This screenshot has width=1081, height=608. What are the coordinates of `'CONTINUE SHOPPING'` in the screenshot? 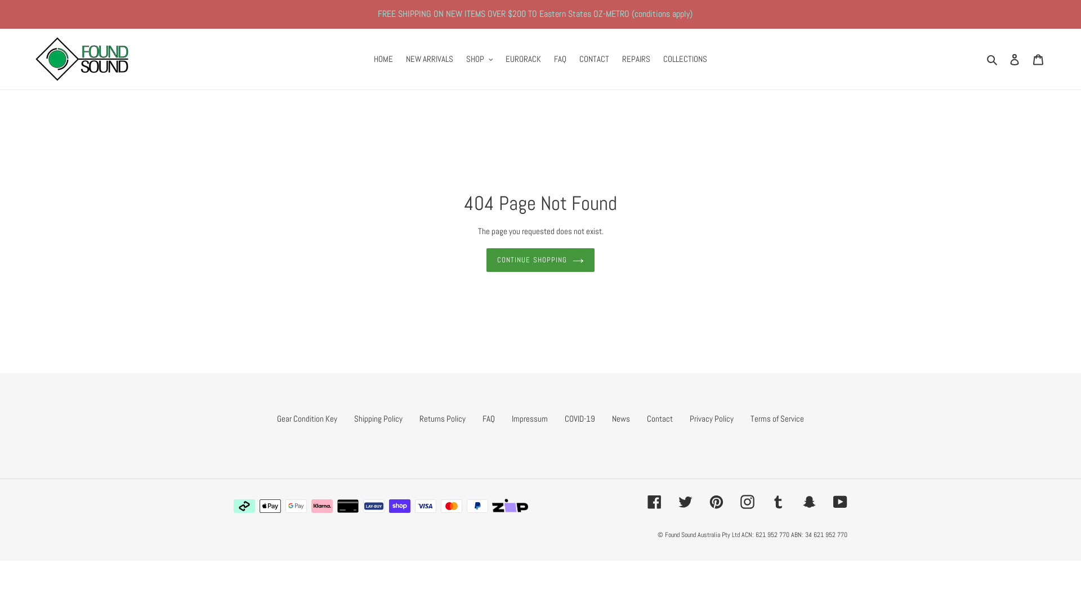 It's located at (486, 260).